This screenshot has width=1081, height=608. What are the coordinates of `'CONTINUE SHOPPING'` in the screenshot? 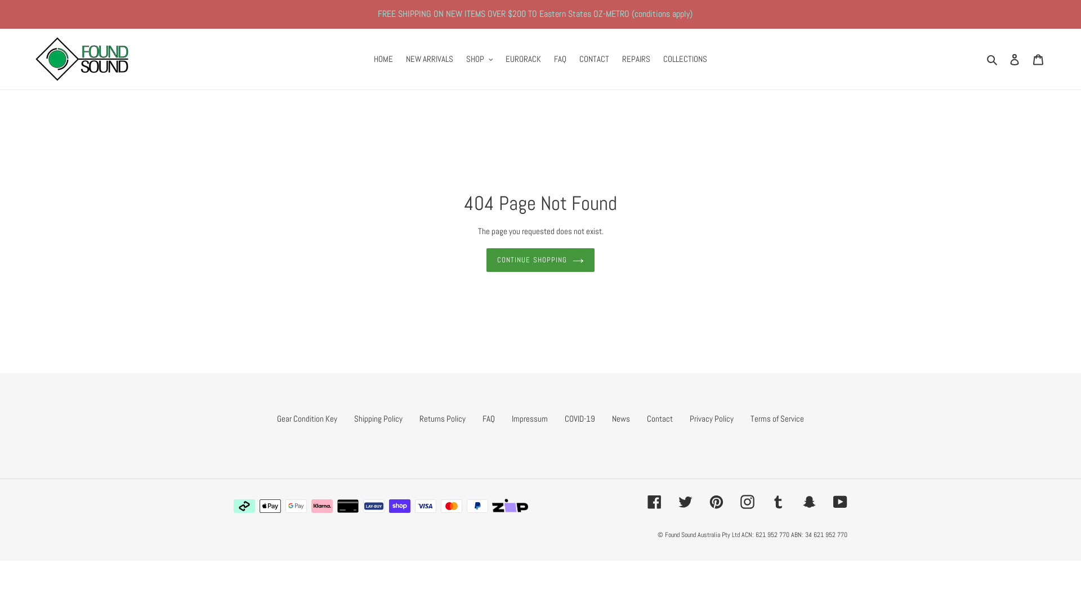 It's located at (486, 260).